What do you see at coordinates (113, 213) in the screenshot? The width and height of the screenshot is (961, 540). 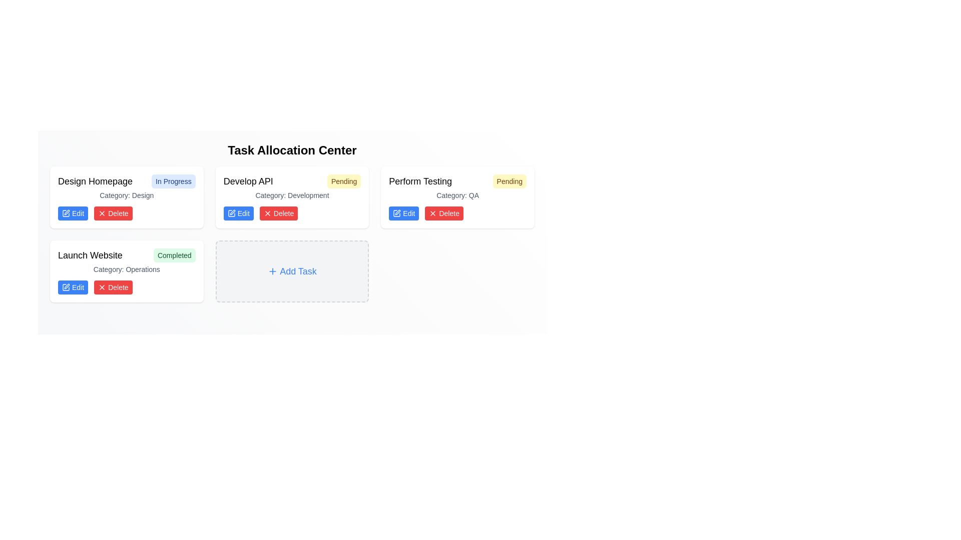 I see `the delete button located to the right of the blue 'Edit' button within the action buttons group at the bottom of a task item card` at bounding box center [113, 213].